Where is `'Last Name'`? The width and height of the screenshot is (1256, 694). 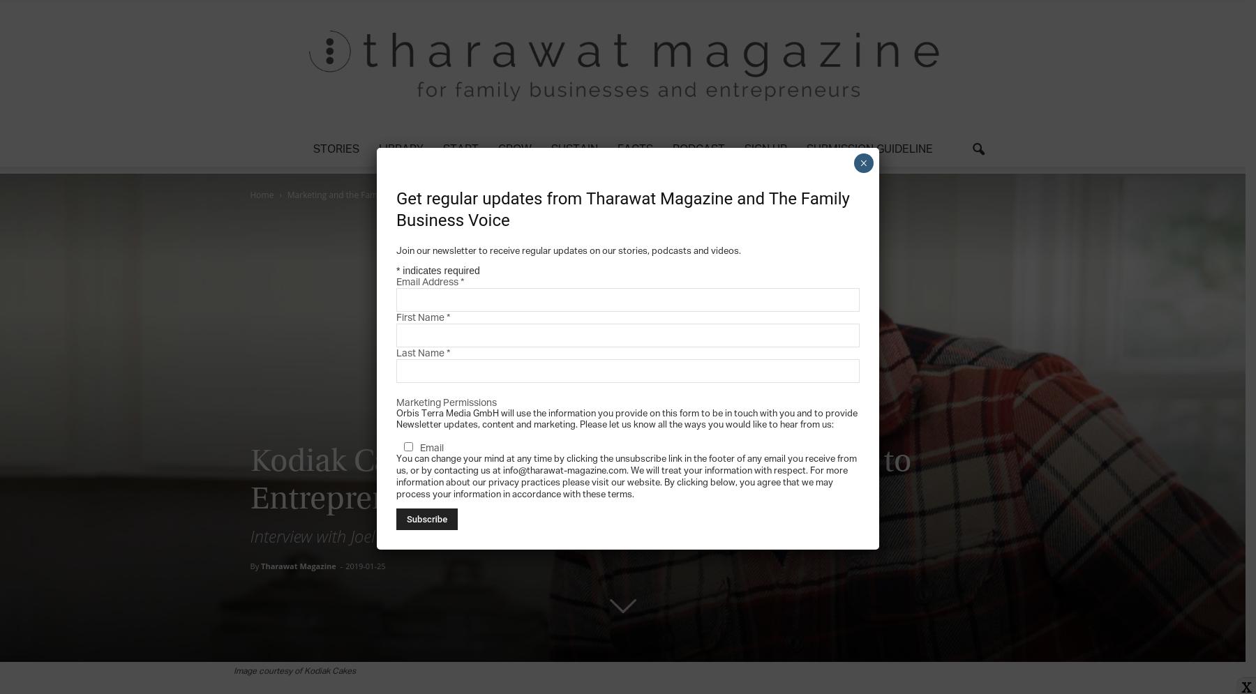 'Last Name' is located at coordinates (421, 352).